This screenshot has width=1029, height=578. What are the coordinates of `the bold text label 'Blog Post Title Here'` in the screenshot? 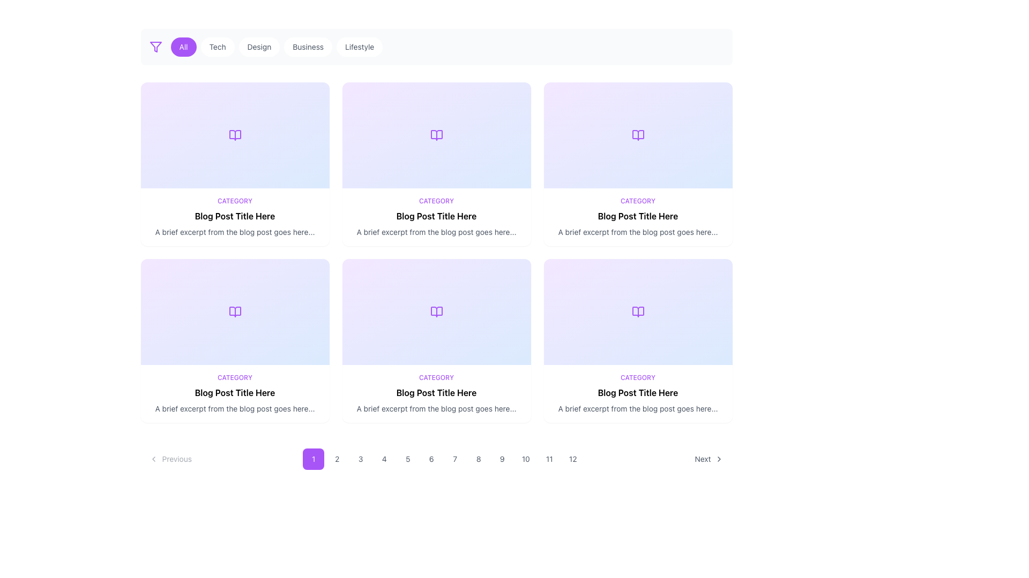 It's located at (436, 392).